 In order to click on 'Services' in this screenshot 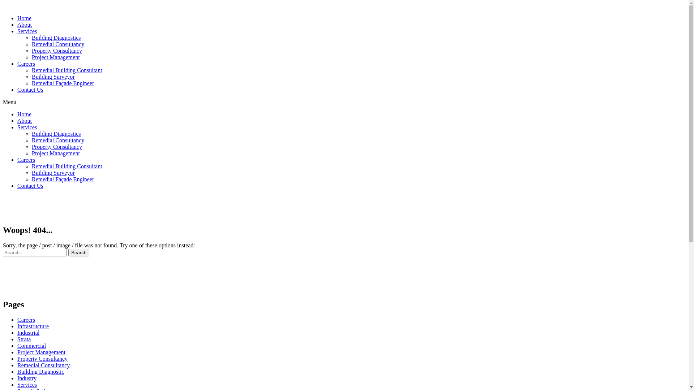, I will do `click(27, 127)`.